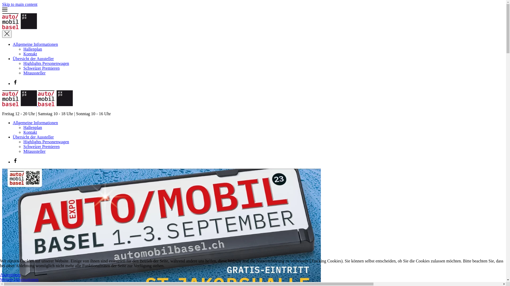 This screenshot has width=510, height=286. I want to click on 'Allgemeine Informationen', so click(13, 44).